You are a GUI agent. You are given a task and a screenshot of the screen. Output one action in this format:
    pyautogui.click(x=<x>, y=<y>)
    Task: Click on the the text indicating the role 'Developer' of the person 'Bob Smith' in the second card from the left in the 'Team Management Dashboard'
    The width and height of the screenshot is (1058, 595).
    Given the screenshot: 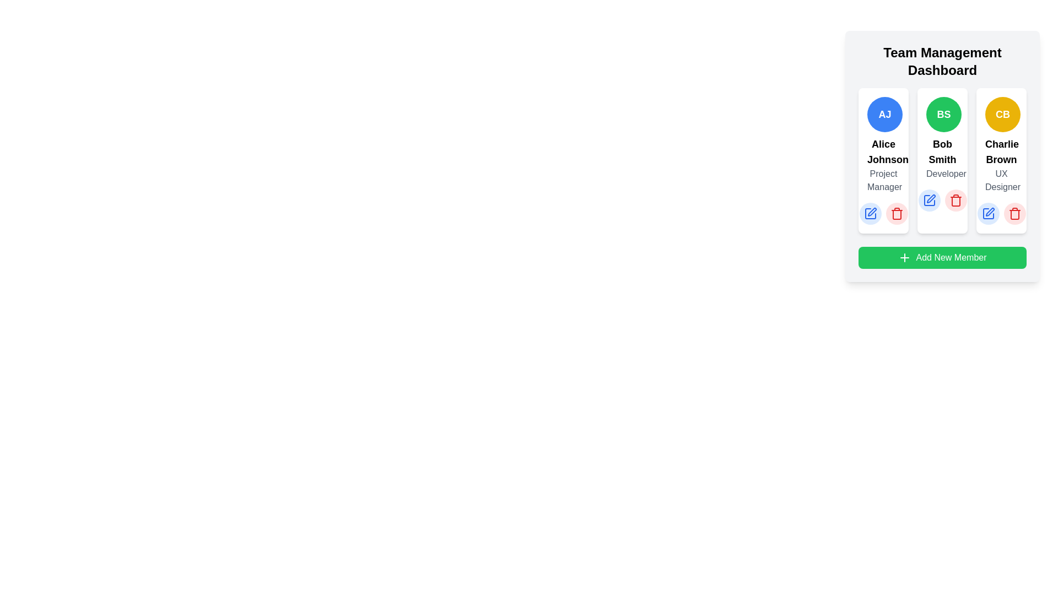 What is the action you would take?
    pyautogui.click(x=942, y=174)
    